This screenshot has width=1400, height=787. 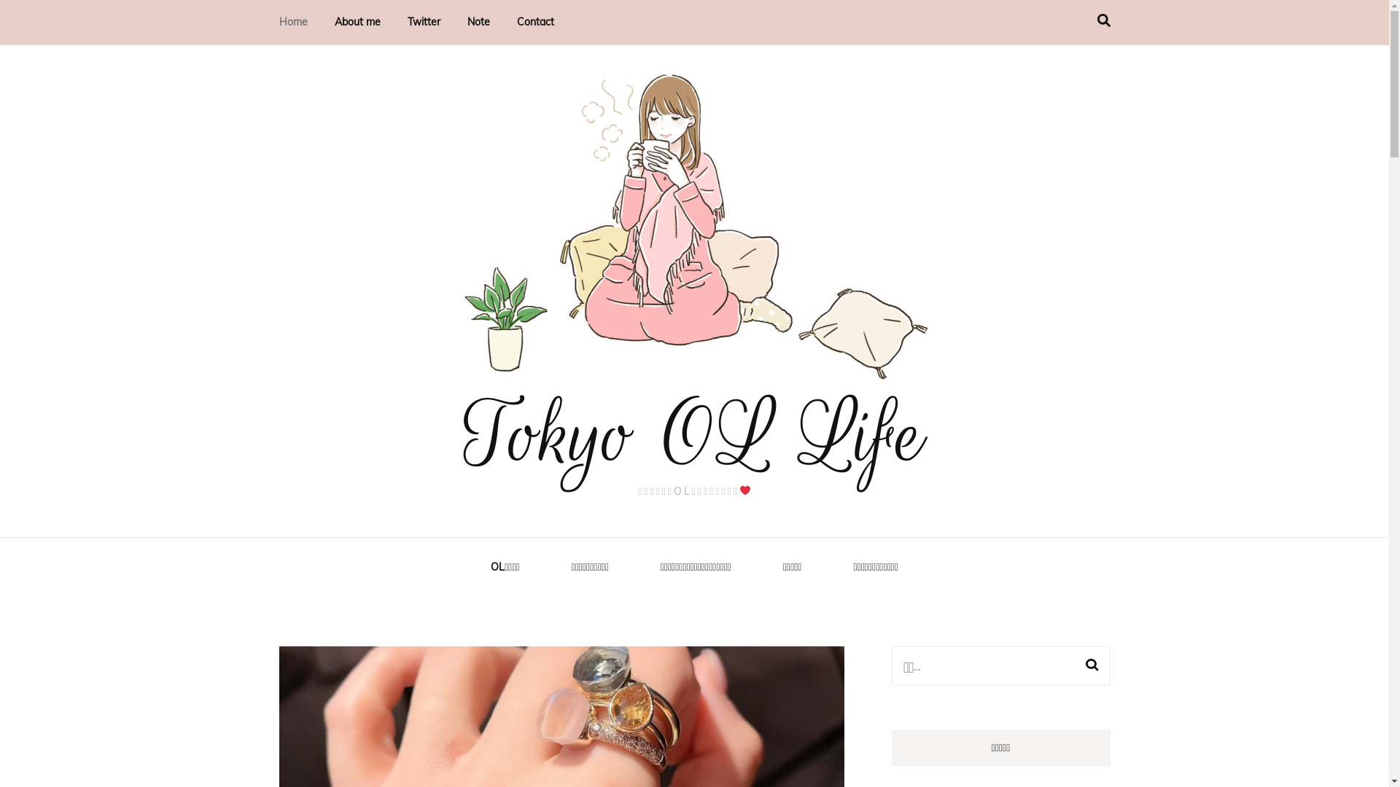 I want to click on 'Note', so click(x=478, y=22).